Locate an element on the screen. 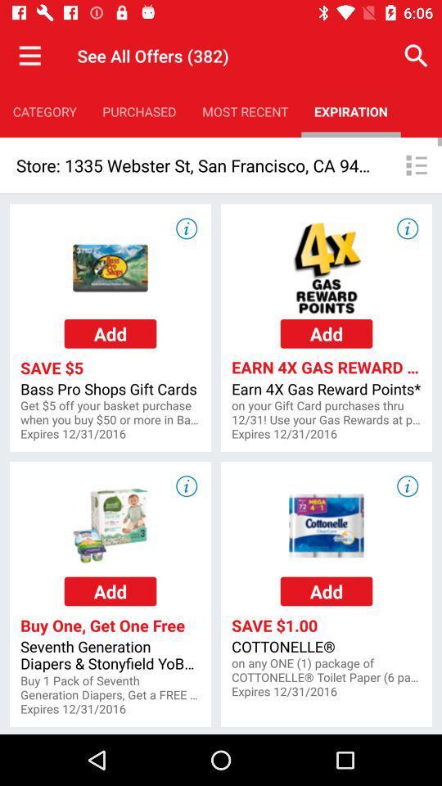  app to the left of earn 4x gas app is located at coordinates (110, 412).